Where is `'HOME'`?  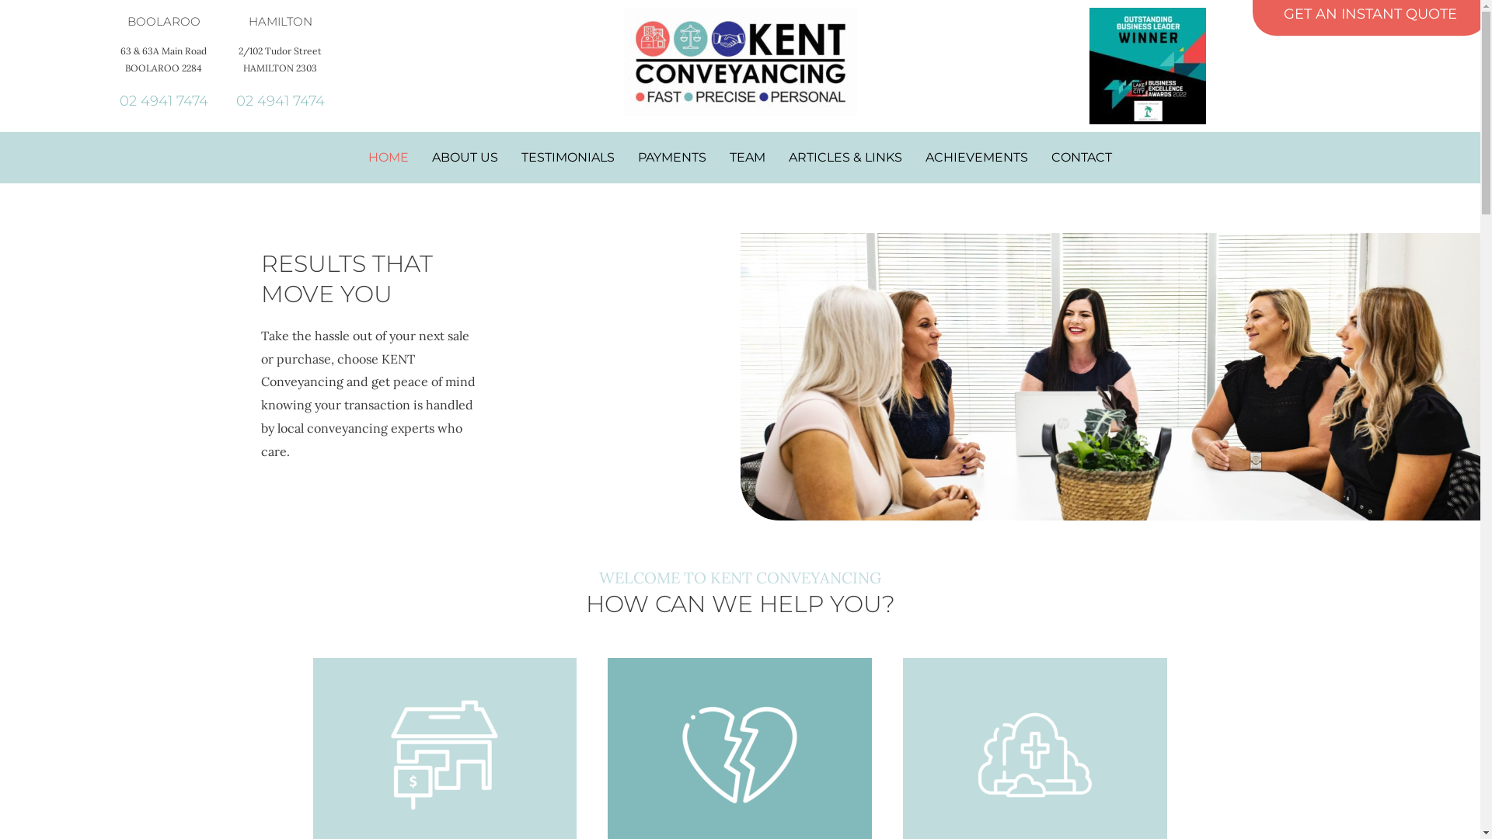
'HOME' is located at coordinates (388, 158).